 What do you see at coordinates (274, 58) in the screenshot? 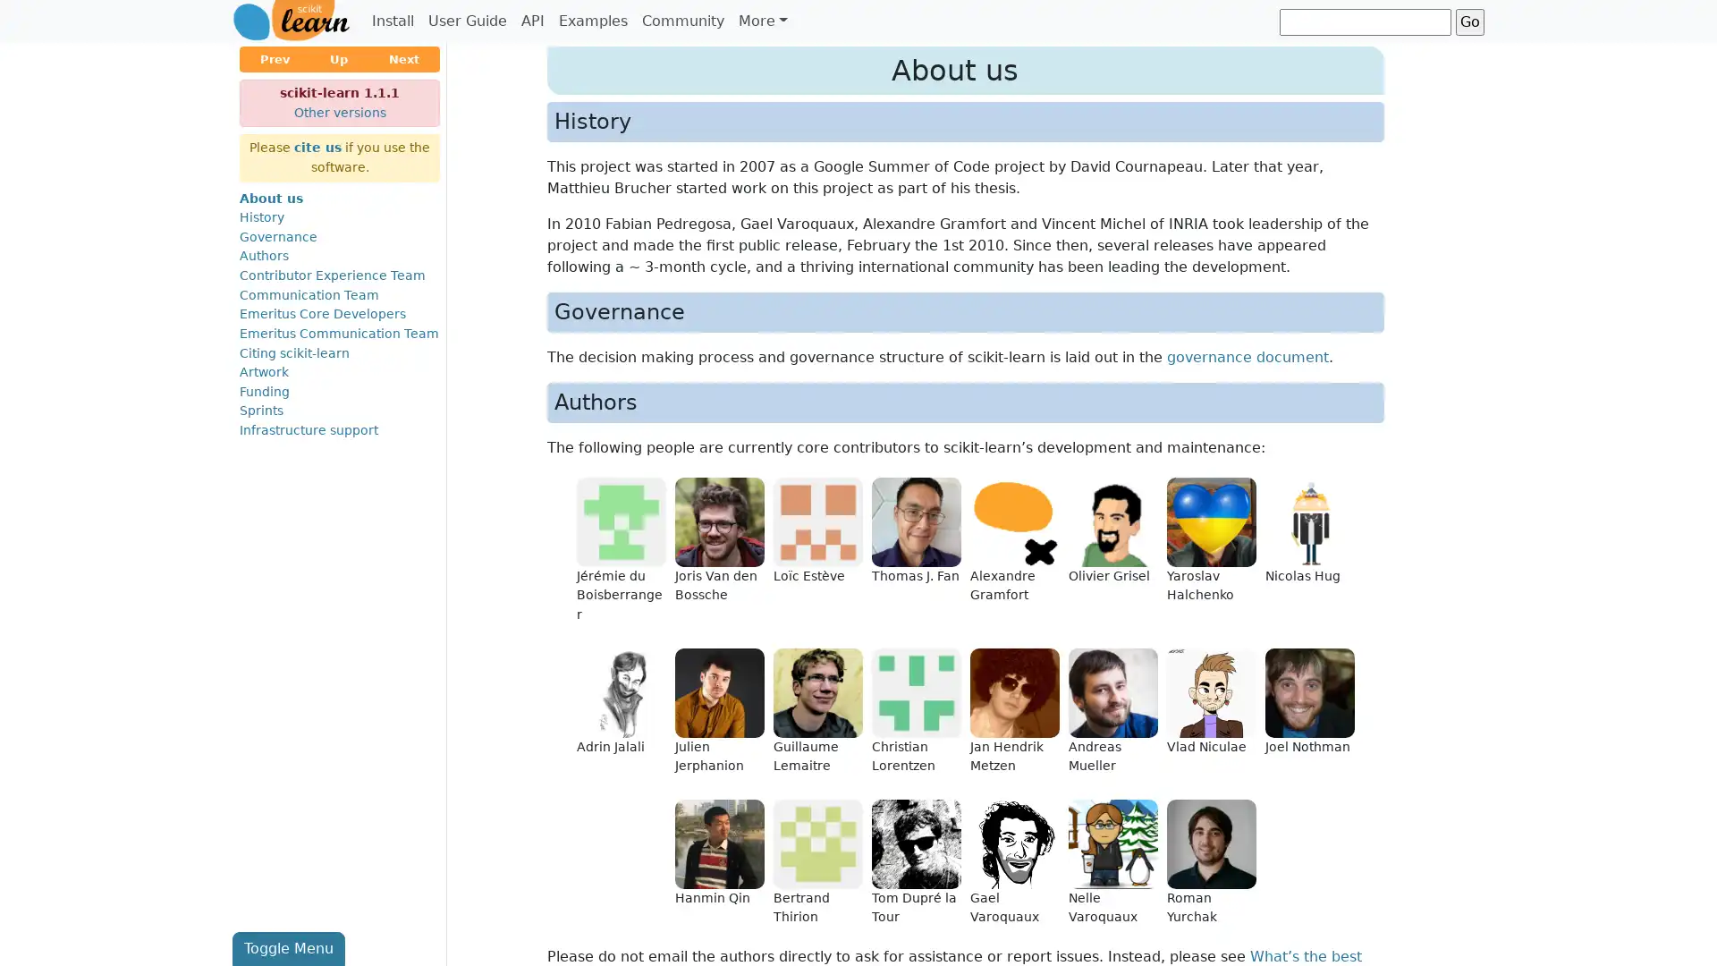
I see `Prev` at bounding box center [274, 58].